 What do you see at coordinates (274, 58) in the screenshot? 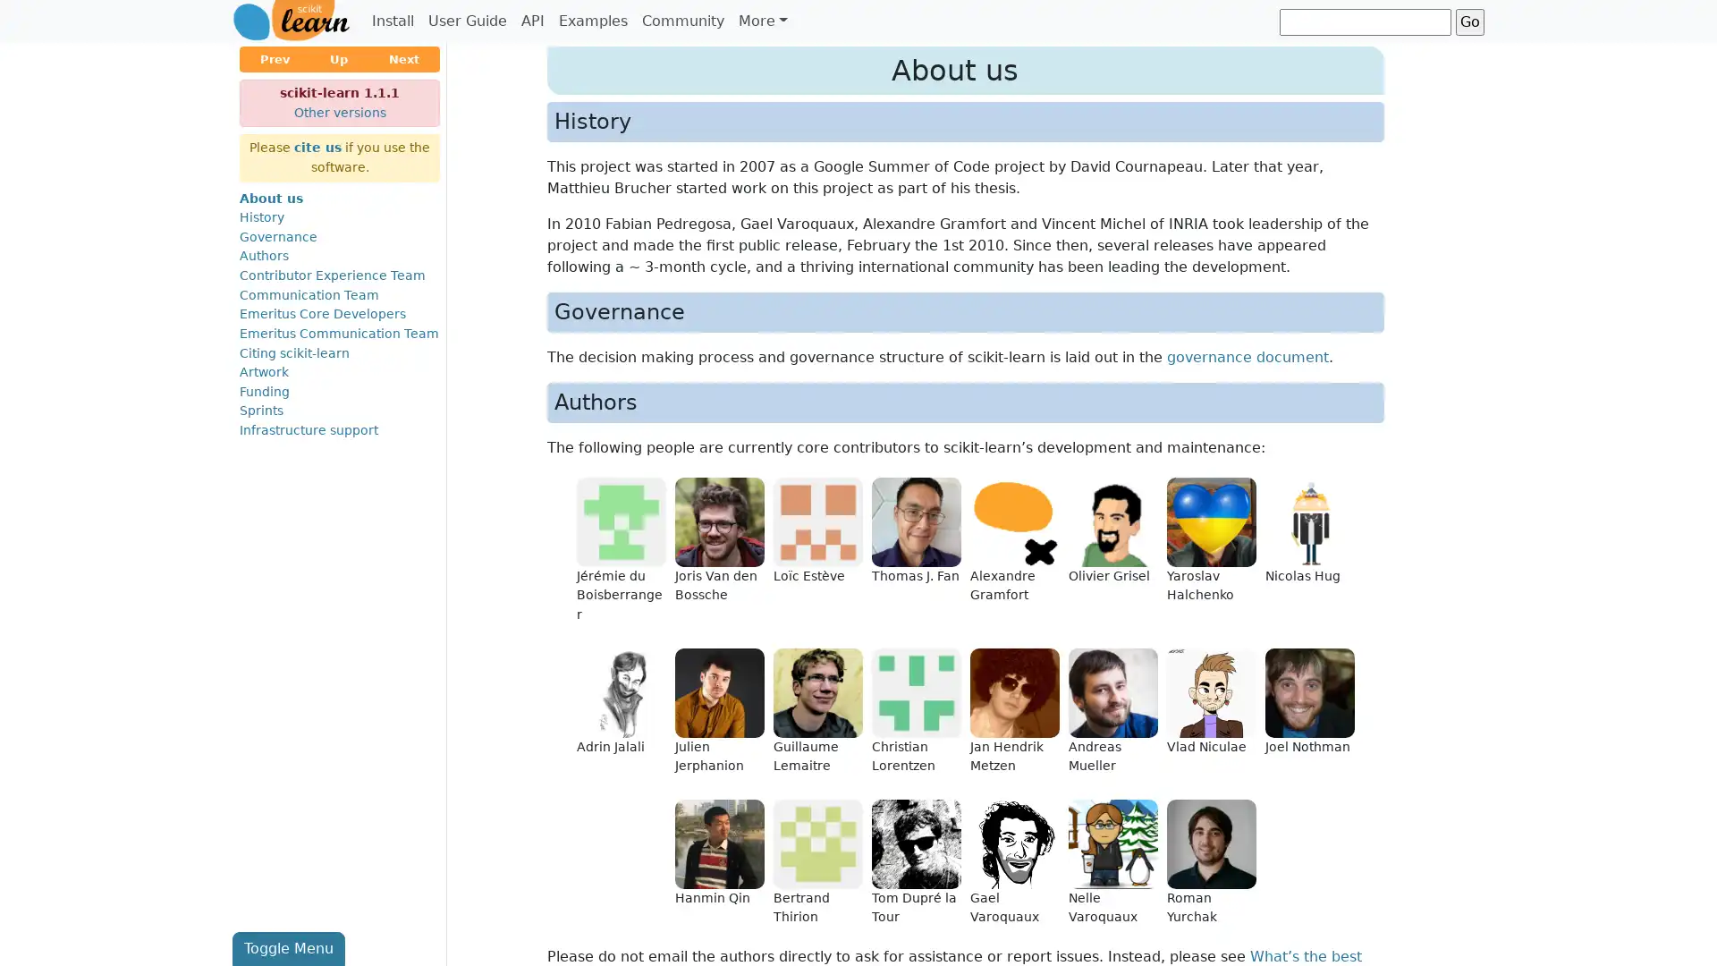
I see `Prev` at bounding box center [274, 58].